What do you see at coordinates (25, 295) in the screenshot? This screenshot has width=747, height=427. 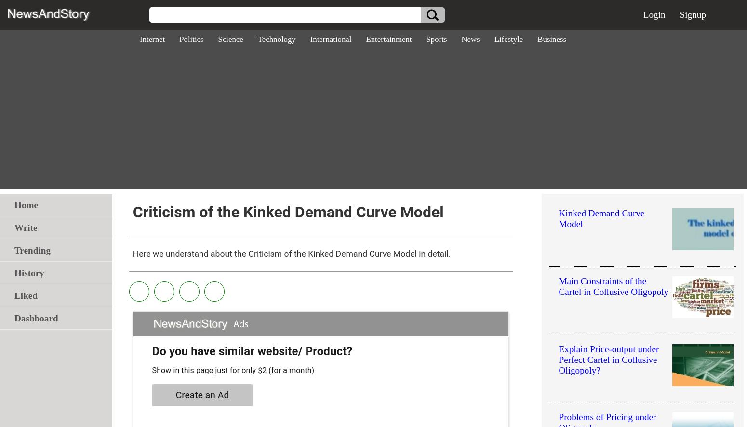 I see `'Liked'` at bounding box center [25, 295].